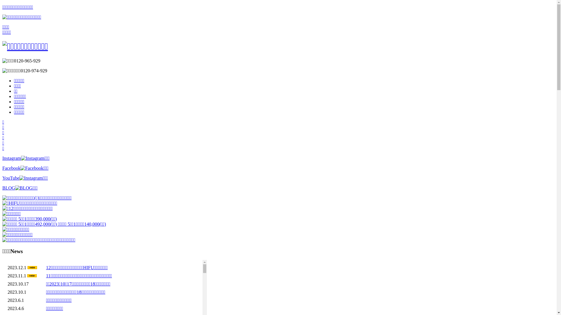 Image resolution: width=561 pixels, height=315 pixels. Describe the element at coordinates (25, 178) in the screenshot. I see `'YouTube'` at that location.